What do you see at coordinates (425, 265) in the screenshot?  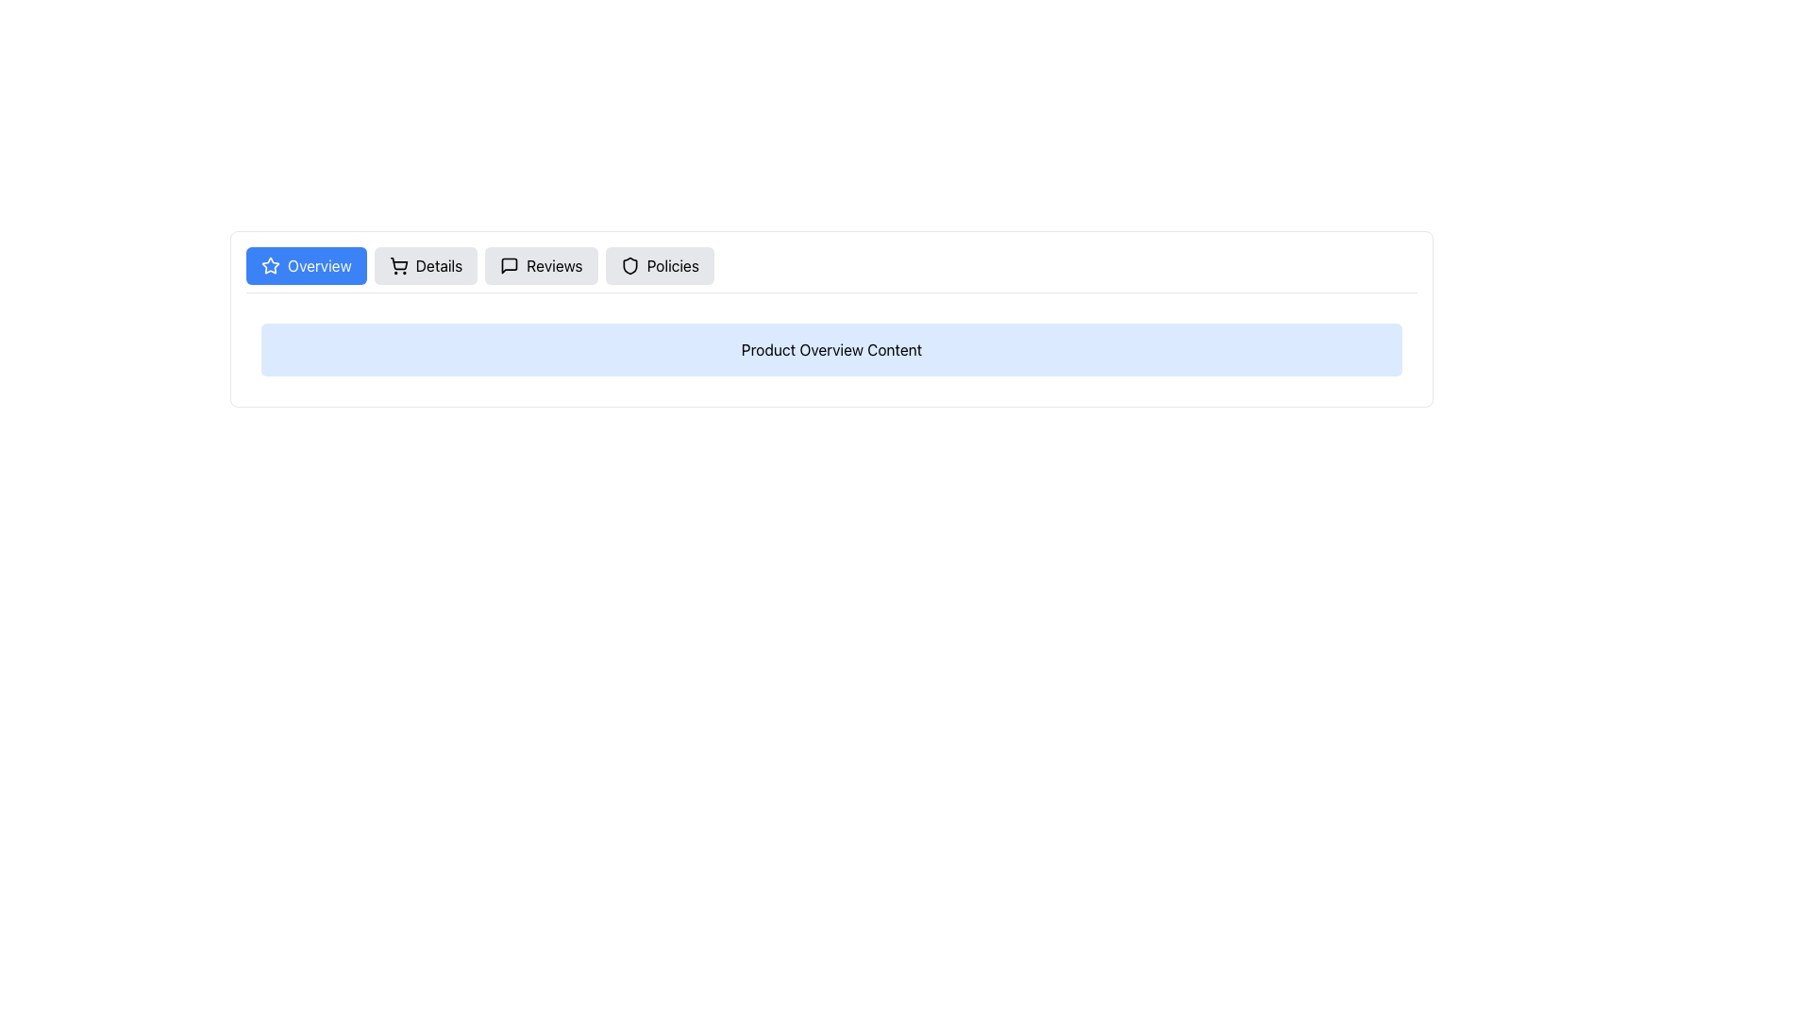 I see `the 'Details' button, which is the second button among four` at bounding box center [425, 265].